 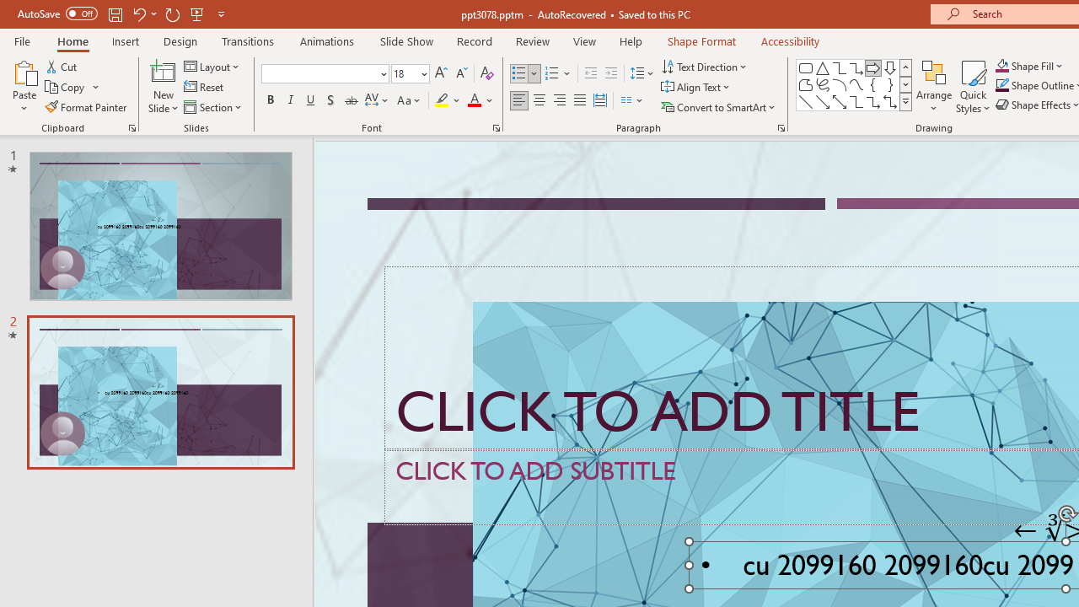 I want to click on 'Connector: Elbow Double-Arrow', so click(x=889, y=101).